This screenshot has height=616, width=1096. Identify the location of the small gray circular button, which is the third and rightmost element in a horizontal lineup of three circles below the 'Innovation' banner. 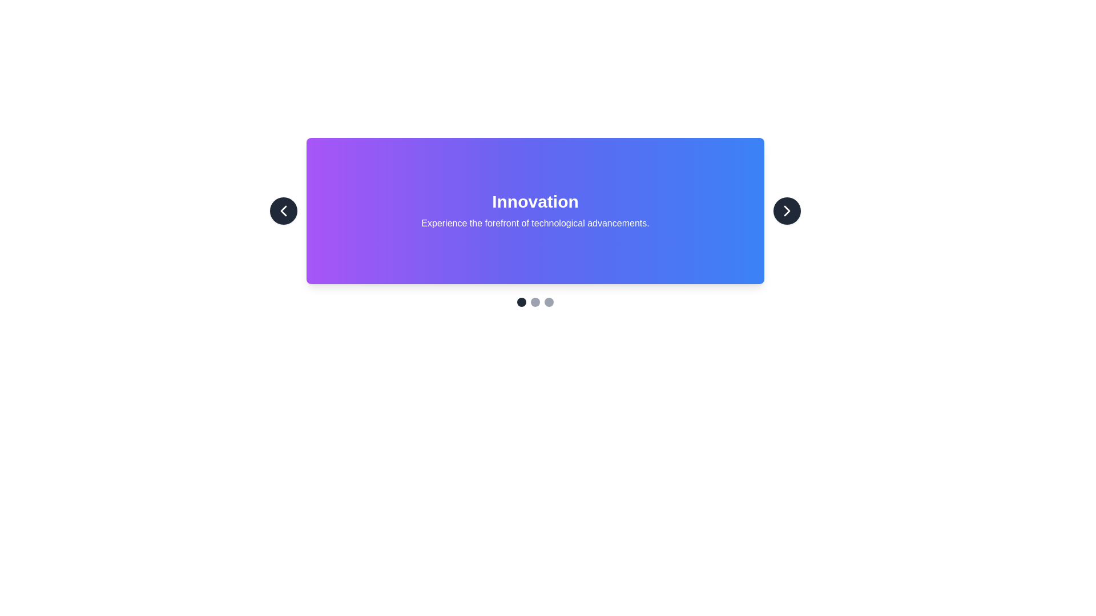
(549, 301).